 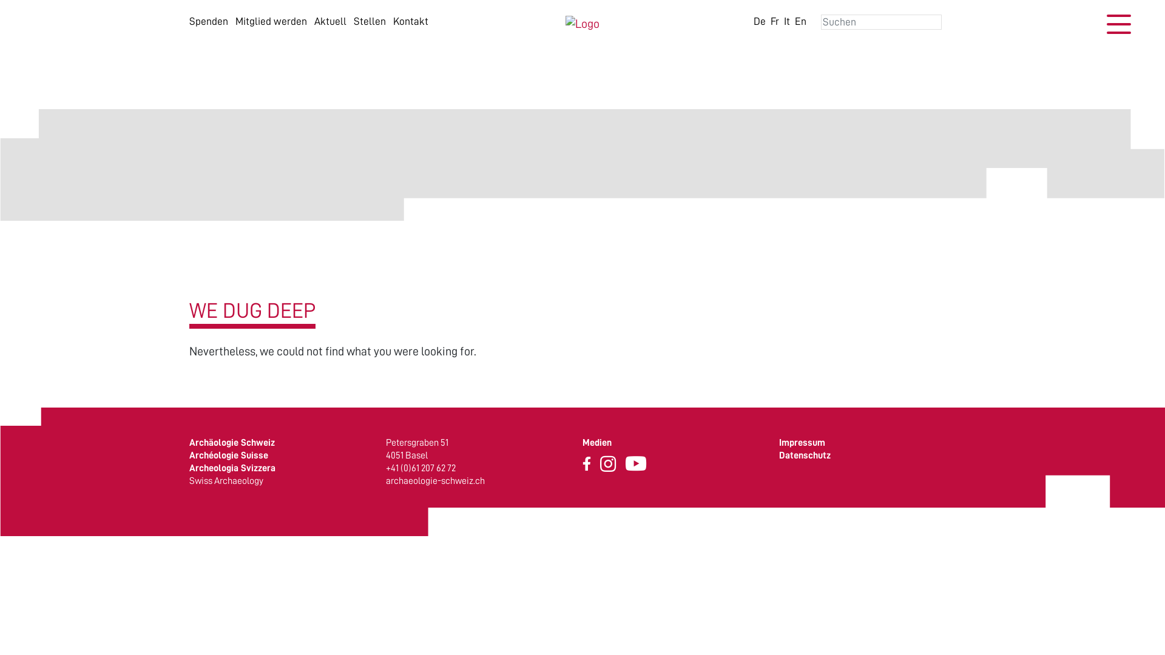 What do you see at coordinates (330, 21) in the screenshot?
I see `'Aktuell'` at bounding box center [330, 21].